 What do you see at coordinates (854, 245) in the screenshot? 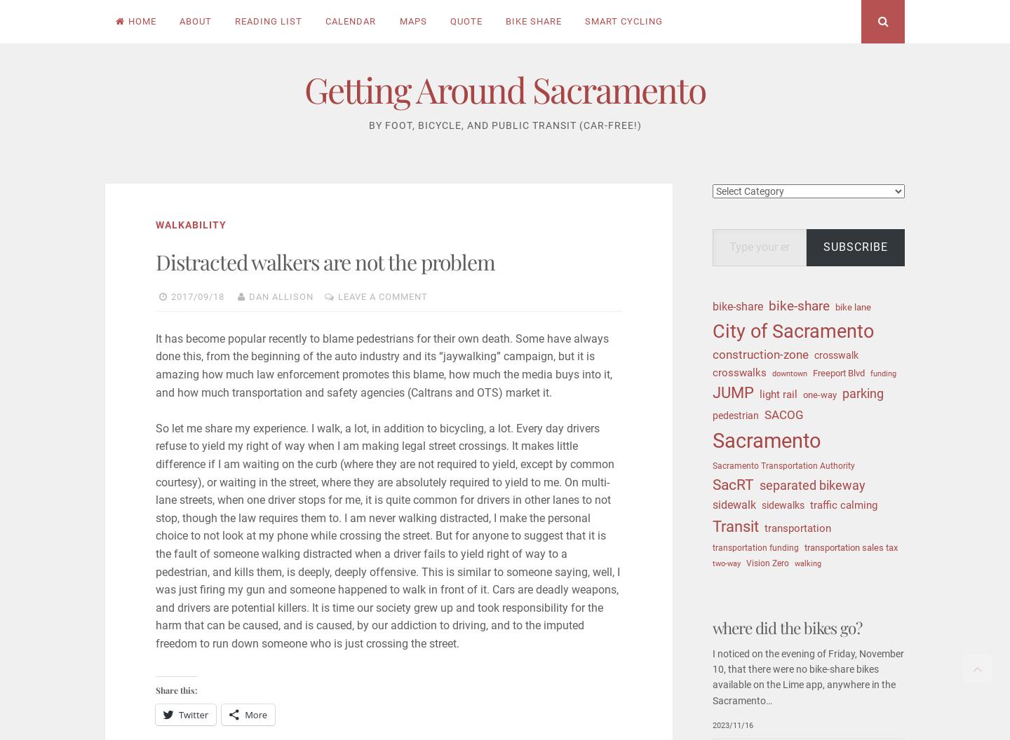
I see `'Subscribe'` at bounding box center [854, 245].